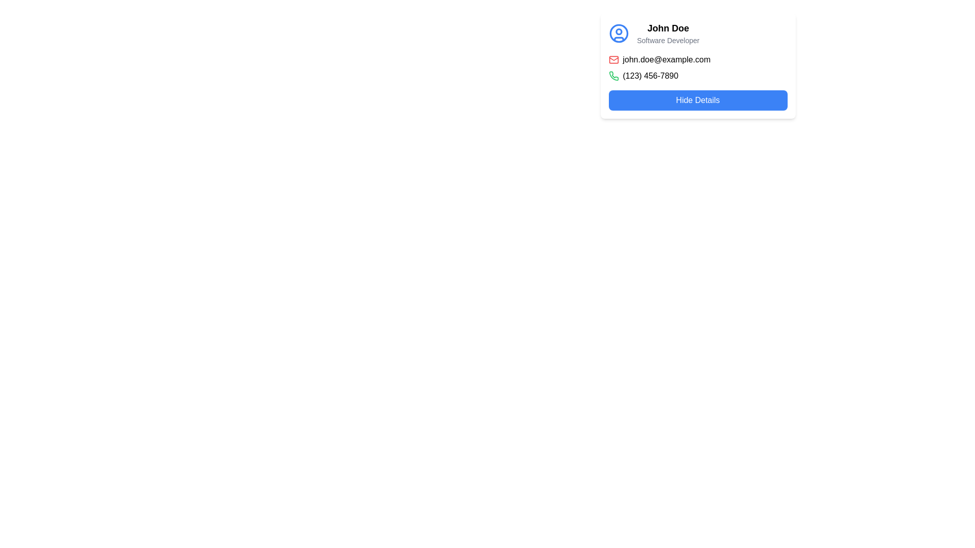  What do you see at coordinates (613, 60) in the screenshot?
I see `the Decorative SVG rectangle element located within the envelope icon, which is adjacent to an email address` at bounding box center [613, 60].